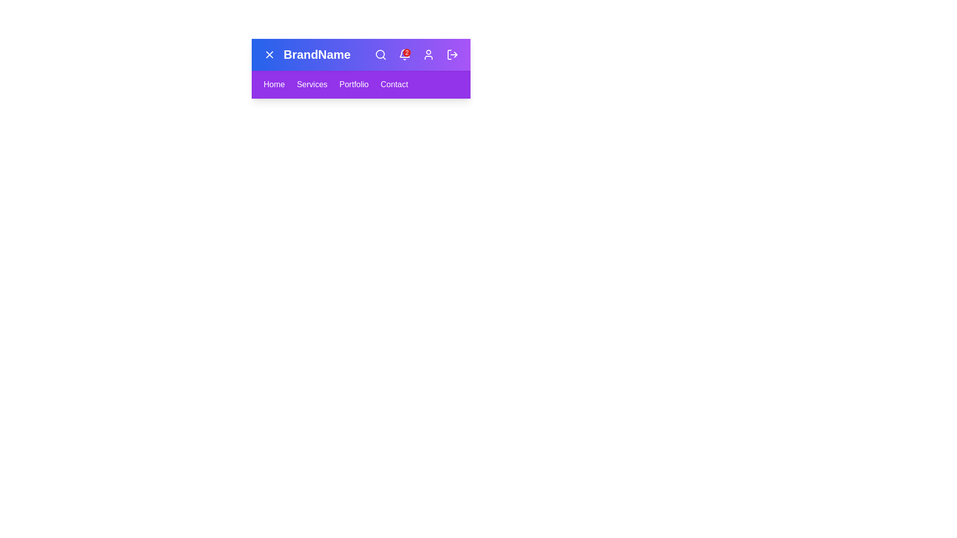 The width and height of the screenshot is (957, 538). Describe the element at coordinates (312, 84) in the screenshot. I see `the 'Services' text label in the purple navigation bar, which is the second item from the left, positioned between 'Home' and 'Portfolio'` at that location.